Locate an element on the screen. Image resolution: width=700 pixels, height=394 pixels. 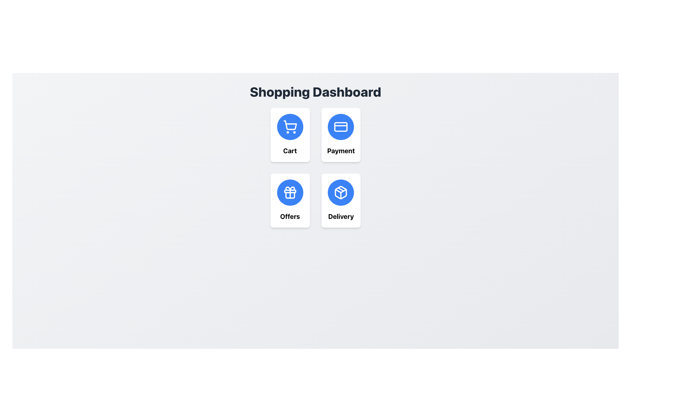
the 'Payment' Interactive Card in the dashboard is located at coordinates (341, 135).